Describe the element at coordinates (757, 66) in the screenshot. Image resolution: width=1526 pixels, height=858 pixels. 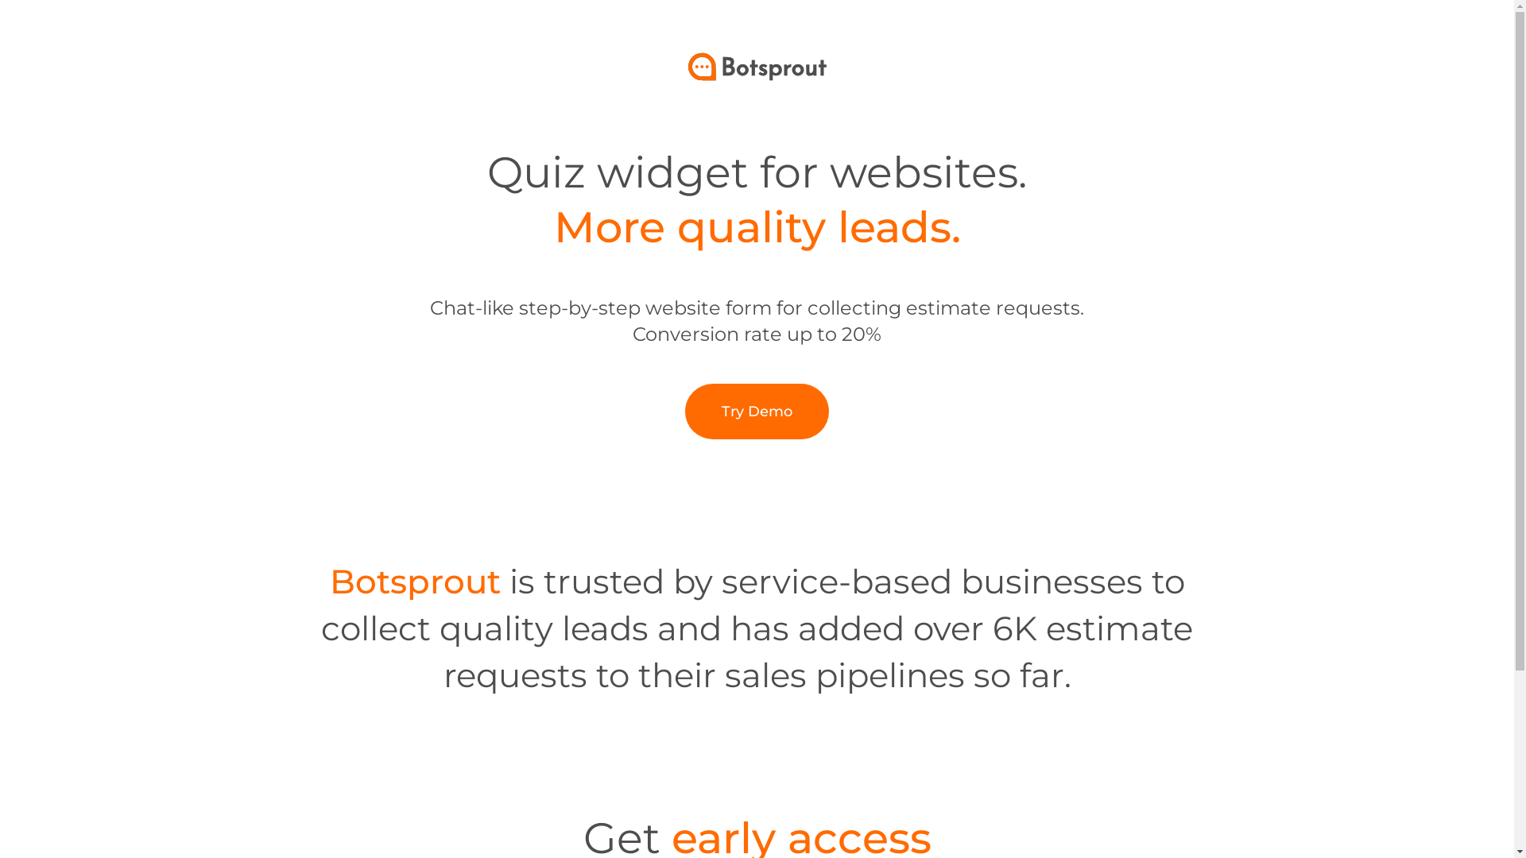
I see `'BotsproutCreated with Sketch.'` at that location.